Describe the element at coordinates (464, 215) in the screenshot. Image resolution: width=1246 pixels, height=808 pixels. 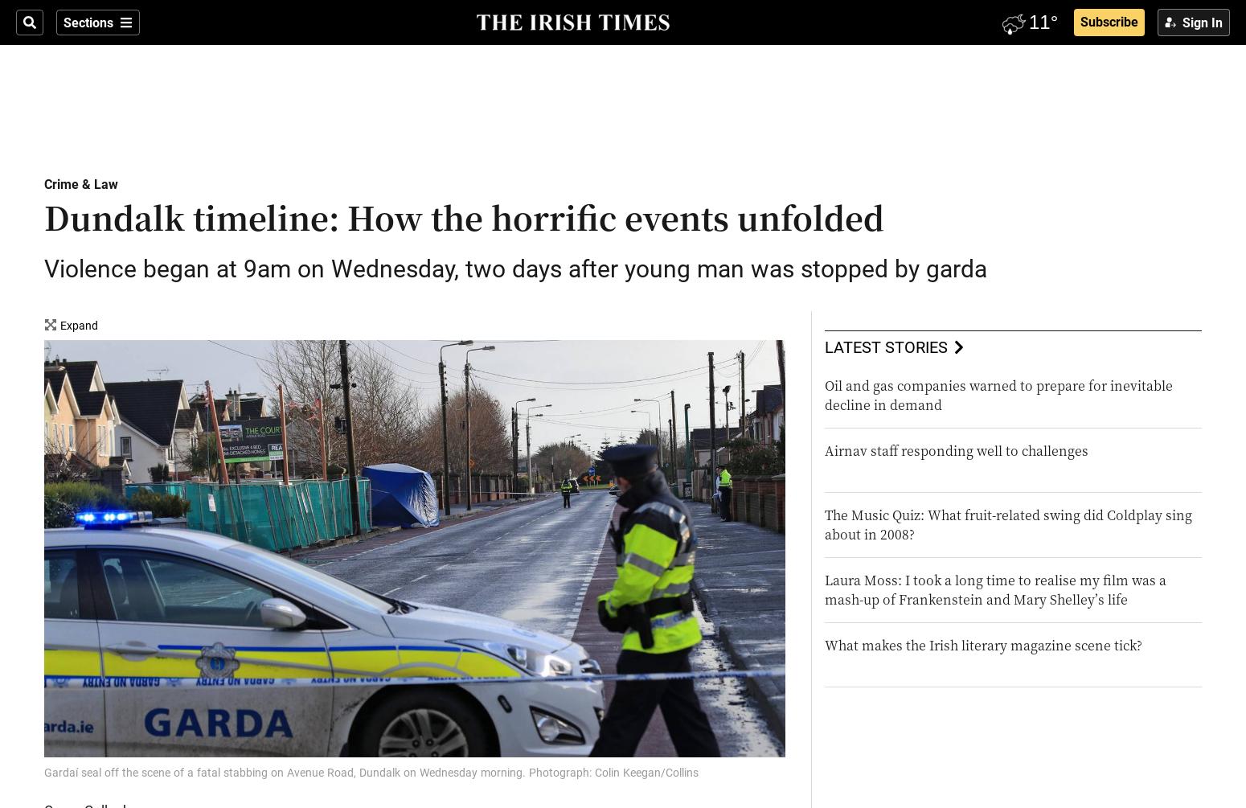
I see `'Dundalk timeline: How the horrific events unfolded'` at that location.